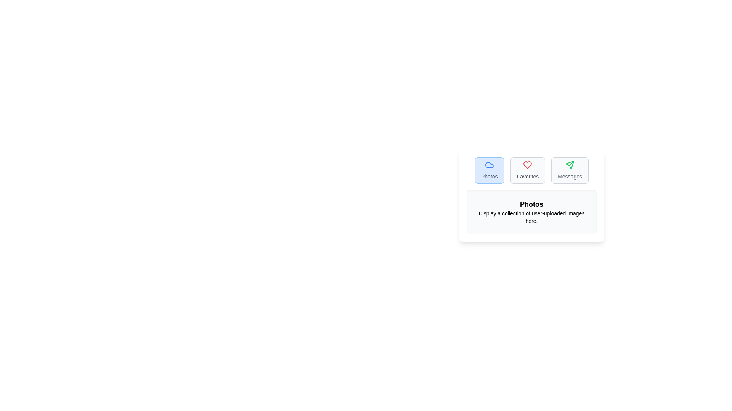  What do you see at coordinates (489, 165) in the screenshot?
I see `the decorative cloud icon for the 'Photos' button, which is located at the top-center of the button, suggesting storage or online availability` at bounding box center [489, 165].